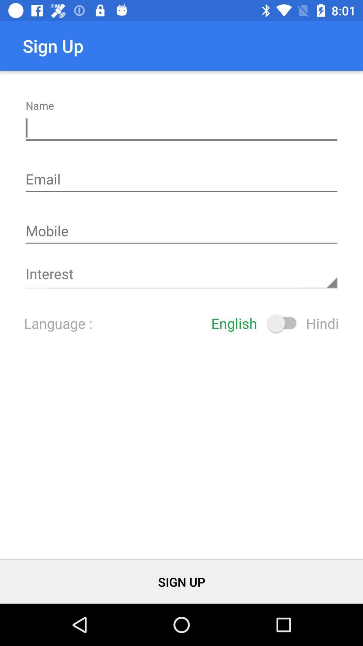 The image size is (363, 646). What do you see at coordinates (182, 180) in the screenshot?
I see `space to write email` at bounding box center [182, 180].